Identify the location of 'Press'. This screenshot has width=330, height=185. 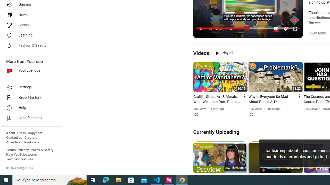
(21, 133).